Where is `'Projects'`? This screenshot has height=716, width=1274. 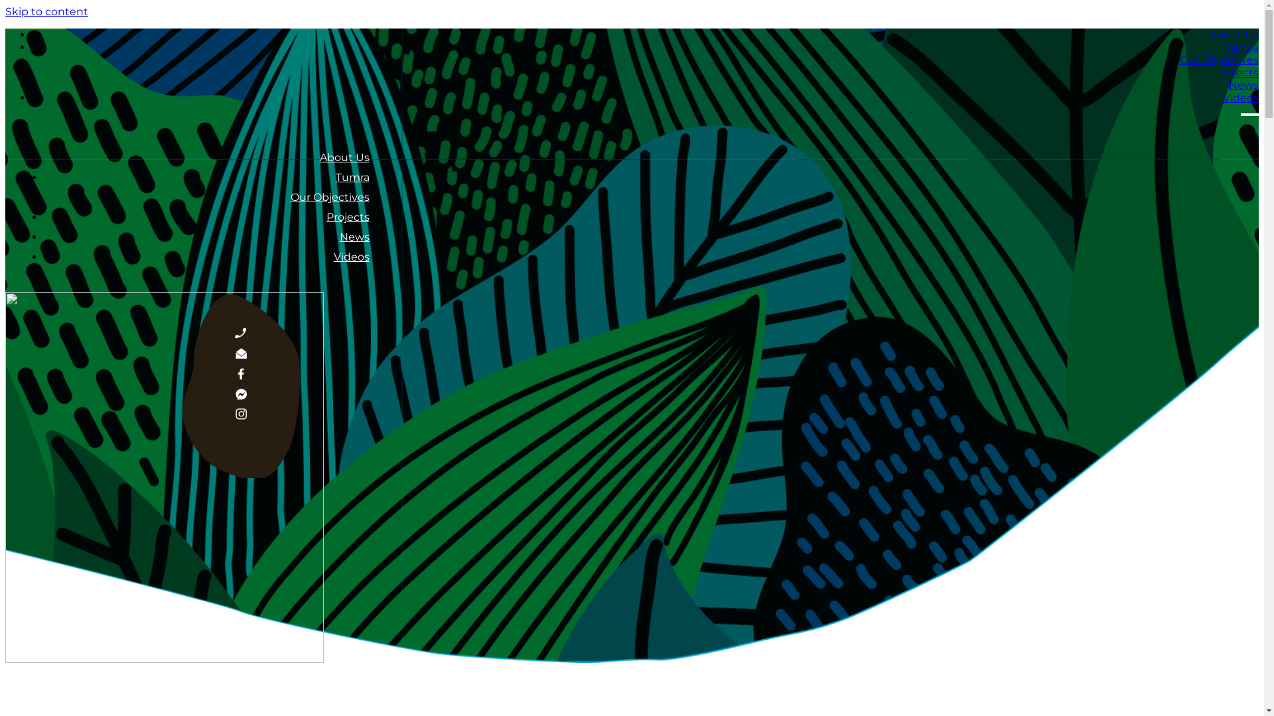
'Projects' is located at coordinates (1216, 72).